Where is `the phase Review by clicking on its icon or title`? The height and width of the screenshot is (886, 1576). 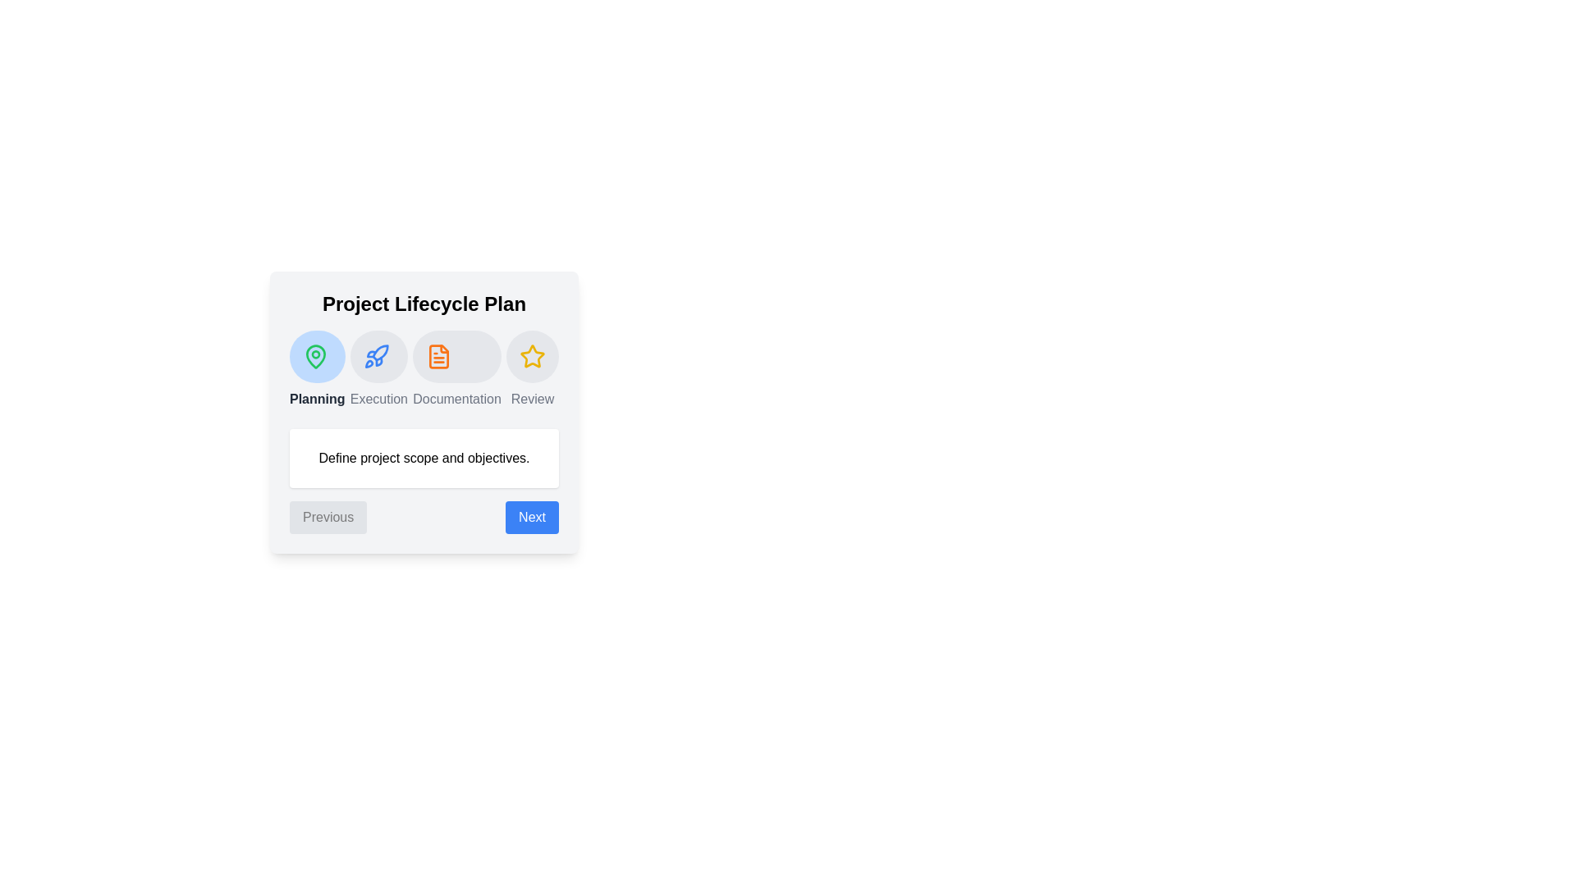 the phase Review by clicking on its icon or title is located at coordinates (532, 356).